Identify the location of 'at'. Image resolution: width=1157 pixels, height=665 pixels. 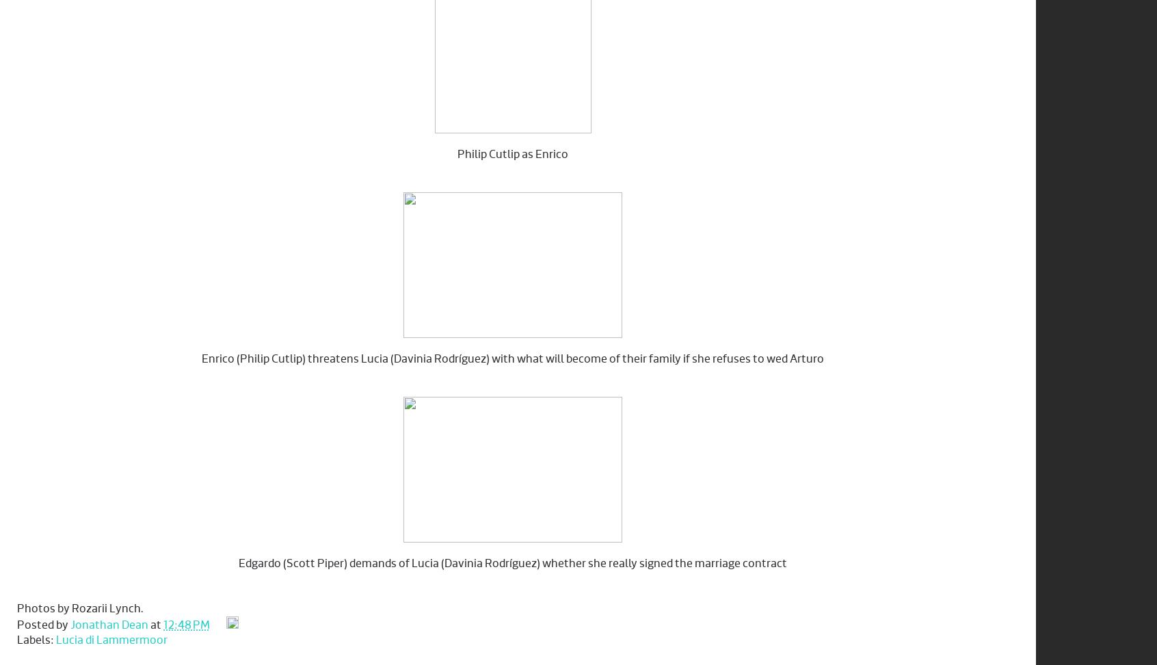
(150, 624).